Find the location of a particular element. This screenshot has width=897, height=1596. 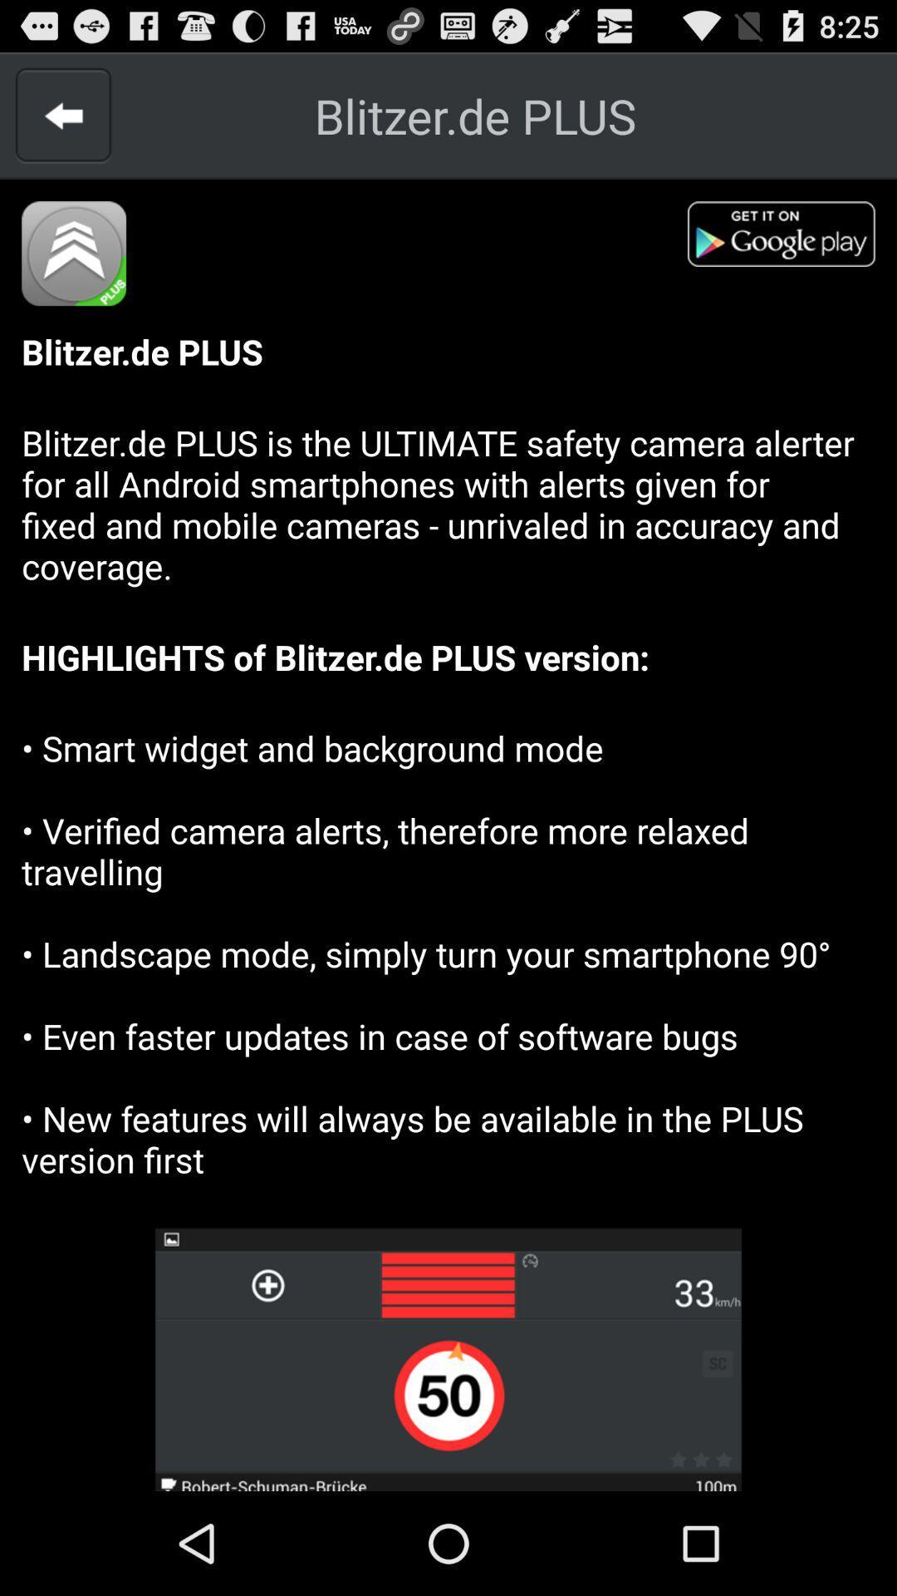

previous is located at coordinates (62, 115).